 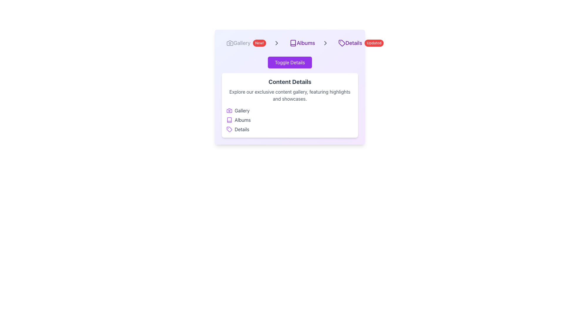 What do you see at coordinates (229, 129) in the screenshot?
I see `the small tag-shaped icon with a purple outline located to the left of the 'Details' label in the navigation menu` at bounding box center [229, 129].